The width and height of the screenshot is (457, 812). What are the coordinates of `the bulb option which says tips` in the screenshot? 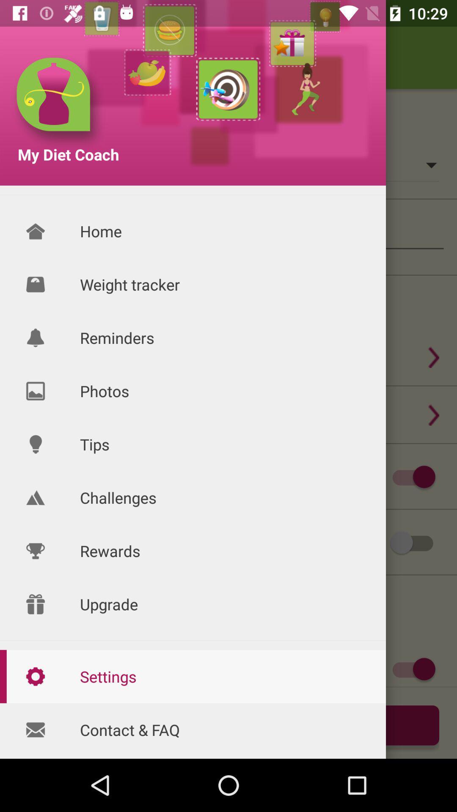 It's located at (35, 444).